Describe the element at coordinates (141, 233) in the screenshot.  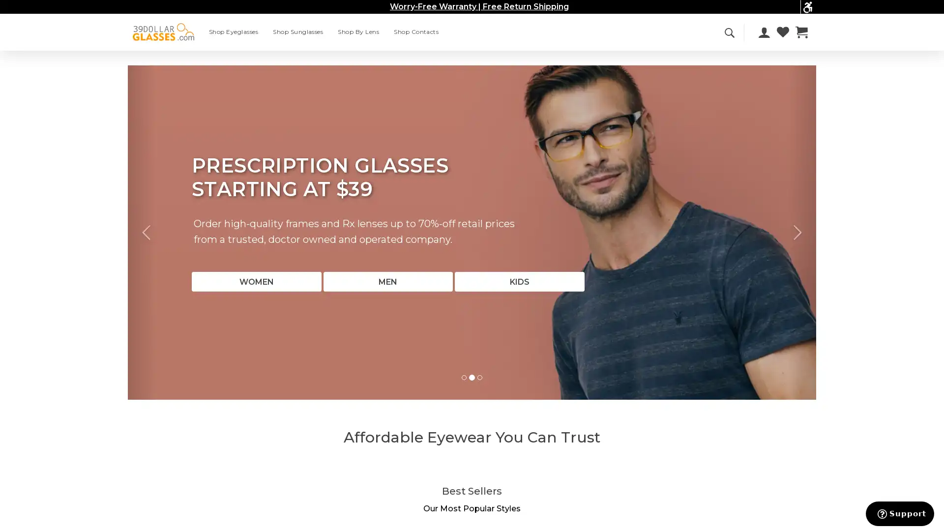
I see `Previous` at that location.